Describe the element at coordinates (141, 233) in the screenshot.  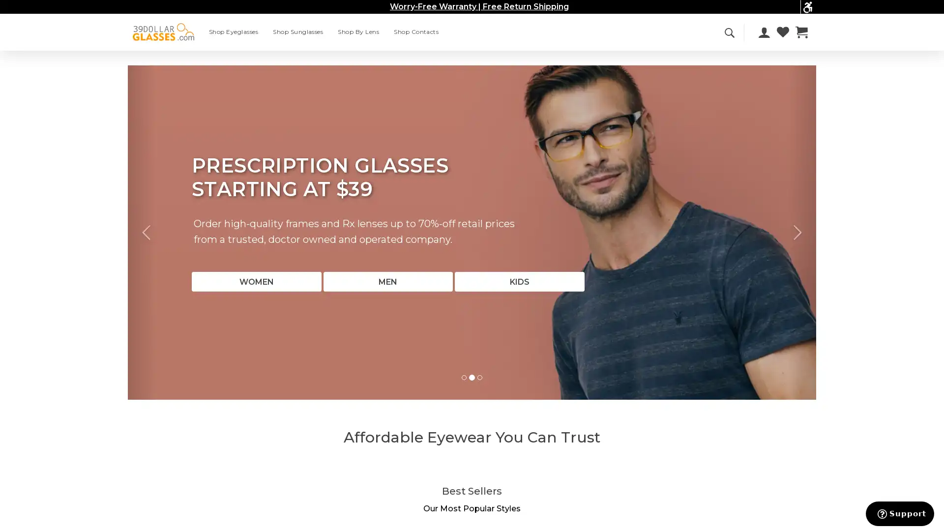
I see `Previous` at that location.